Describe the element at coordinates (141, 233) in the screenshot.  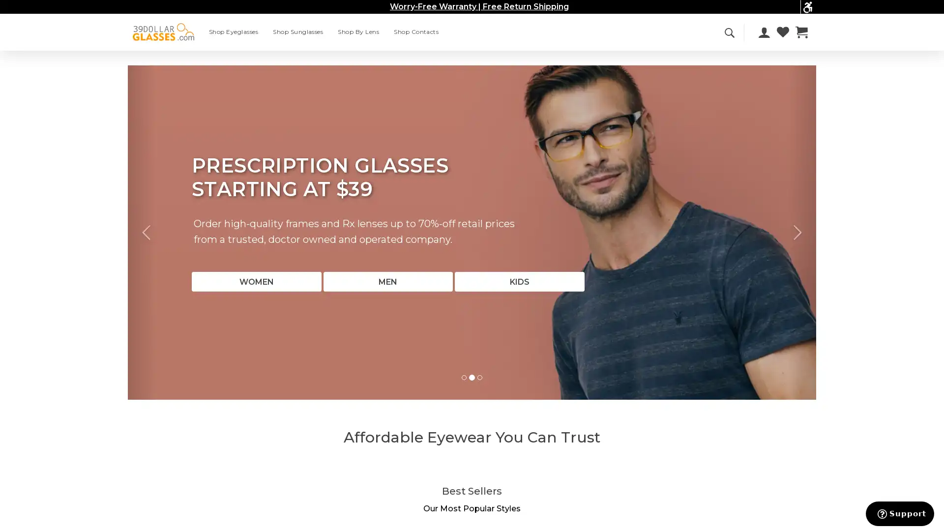
I see `Previous` at that location.